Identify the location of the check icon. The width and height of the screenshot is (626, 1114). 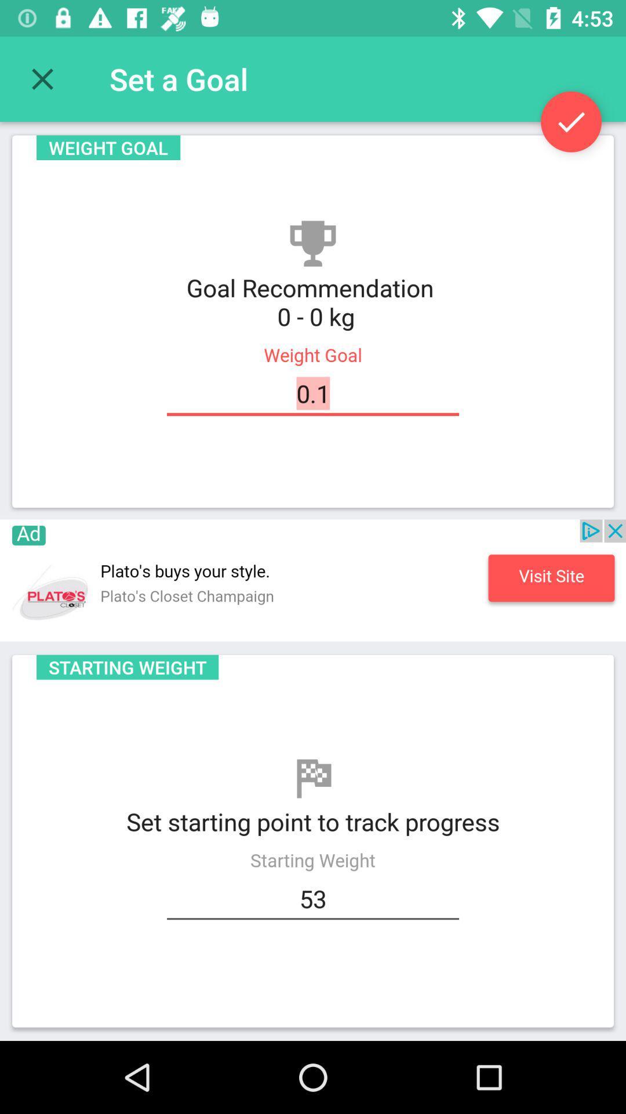
(570, 122).